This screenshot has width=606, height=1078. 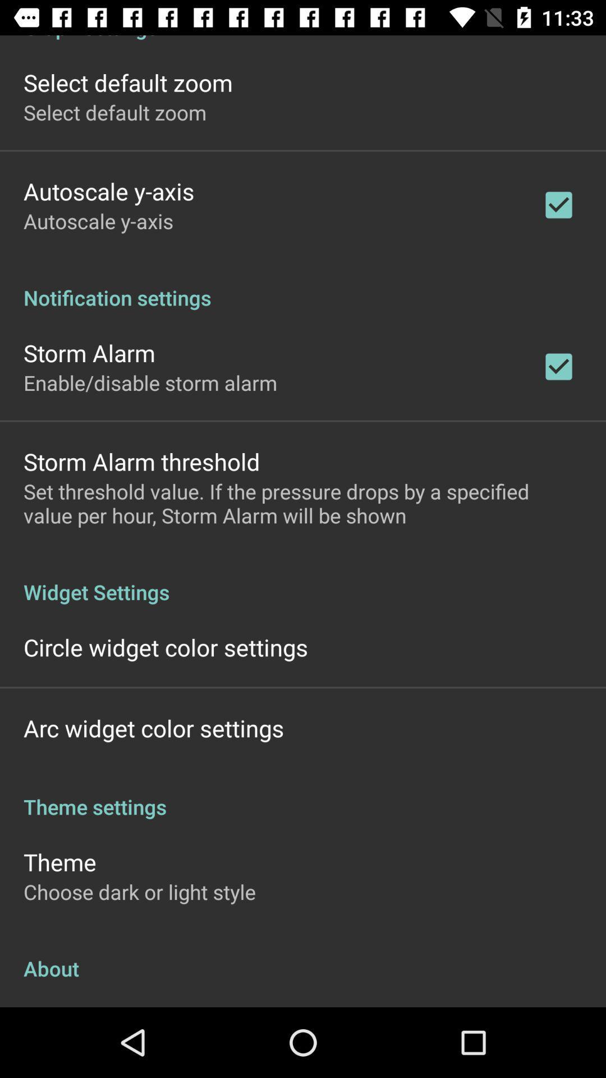 I want to click on icon below choose dark or, so click(x=303, y=956).